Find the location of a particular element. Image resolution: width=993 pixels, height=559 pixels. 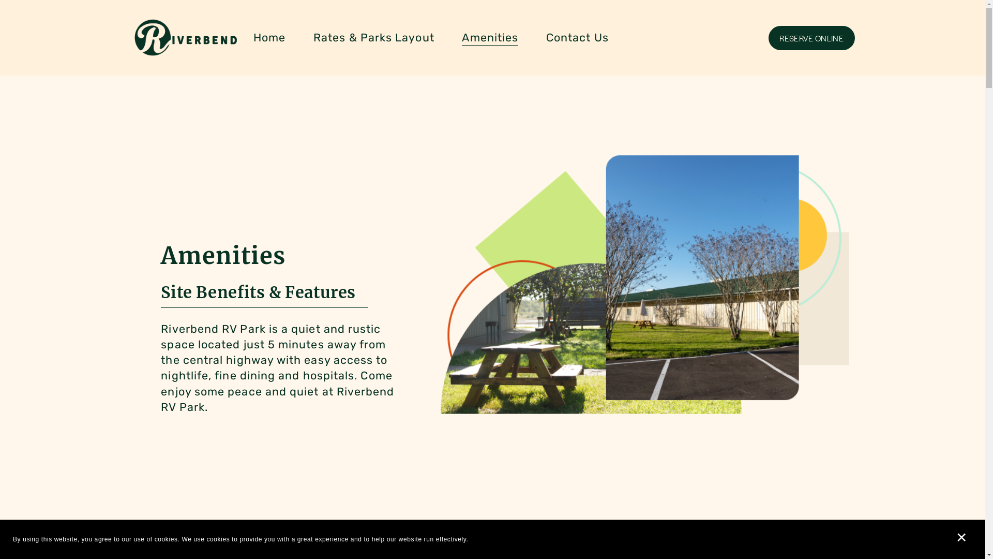

'RESERVE ONLINE' is located at coordinates (811, 37).